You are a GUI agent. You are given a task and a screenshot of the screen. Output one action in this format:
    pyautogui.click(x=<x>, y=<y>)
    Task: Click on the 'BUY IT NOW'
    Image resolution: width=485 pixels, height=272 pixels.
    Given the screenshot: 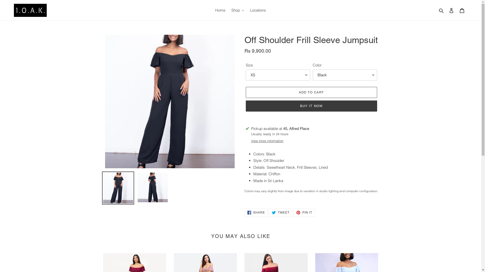 What is the action you would take?
    pyautogui.click(x=311, y=106)
    